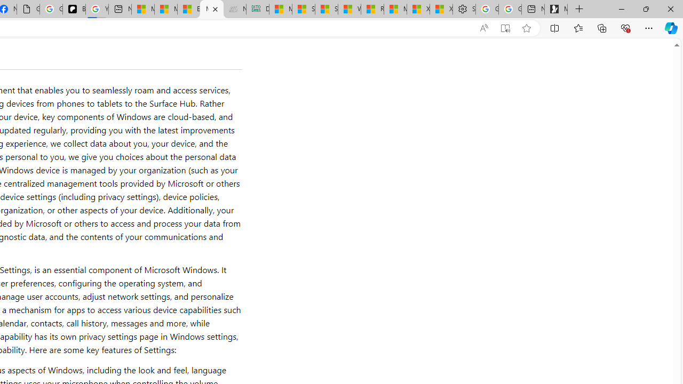 This screenshot has height=384, width=683. Describe the element at coordinates (73, 9) in the screenshot. I see `'Be Smart | creating Science videos | Patreon'` at that location.